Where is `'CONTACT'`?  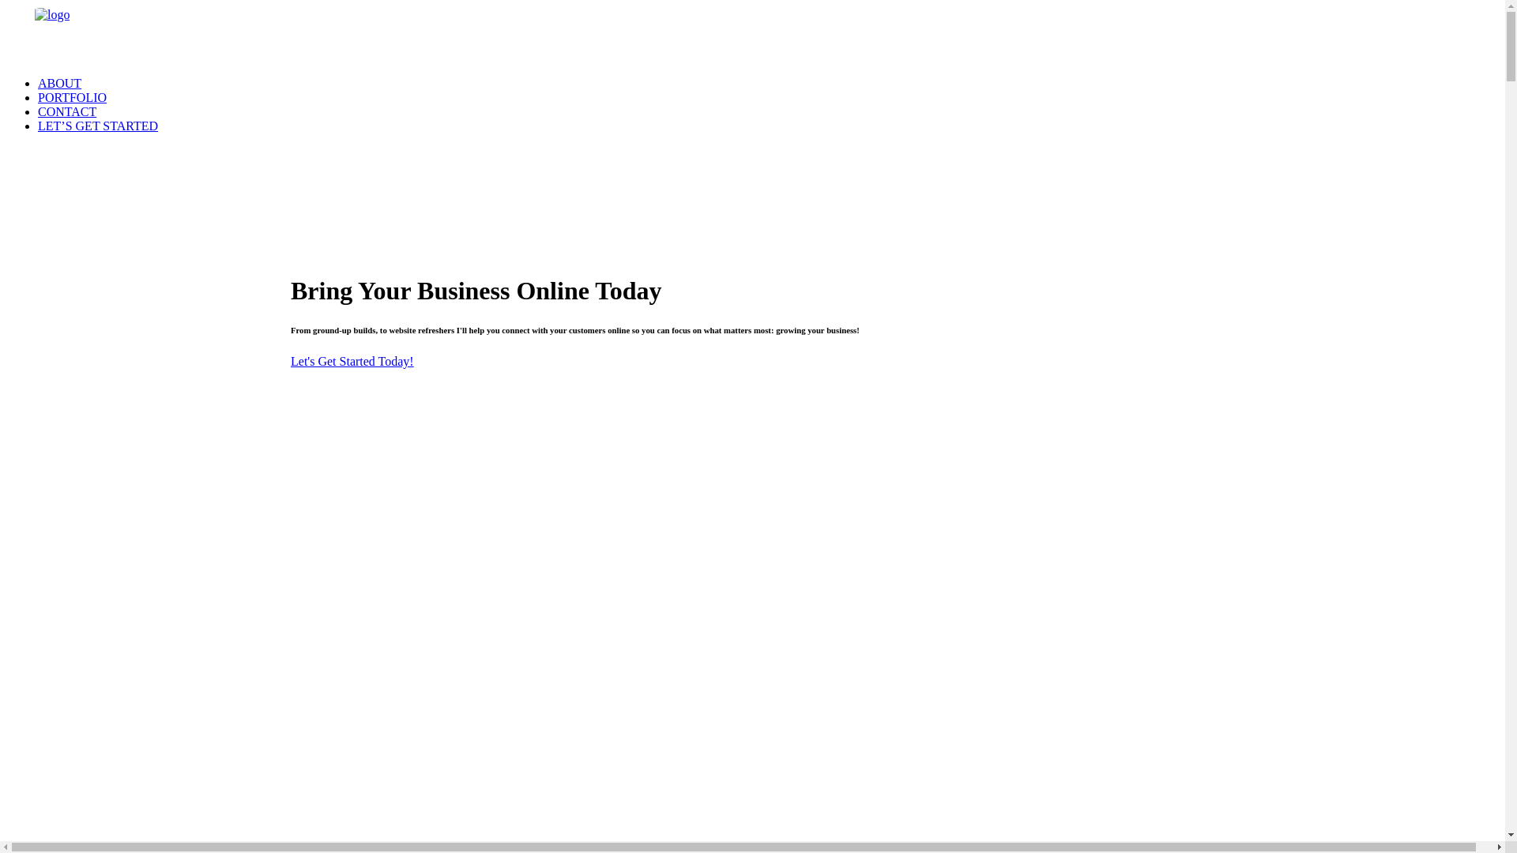 'CONTACT' is located at coordinates (66, 111).